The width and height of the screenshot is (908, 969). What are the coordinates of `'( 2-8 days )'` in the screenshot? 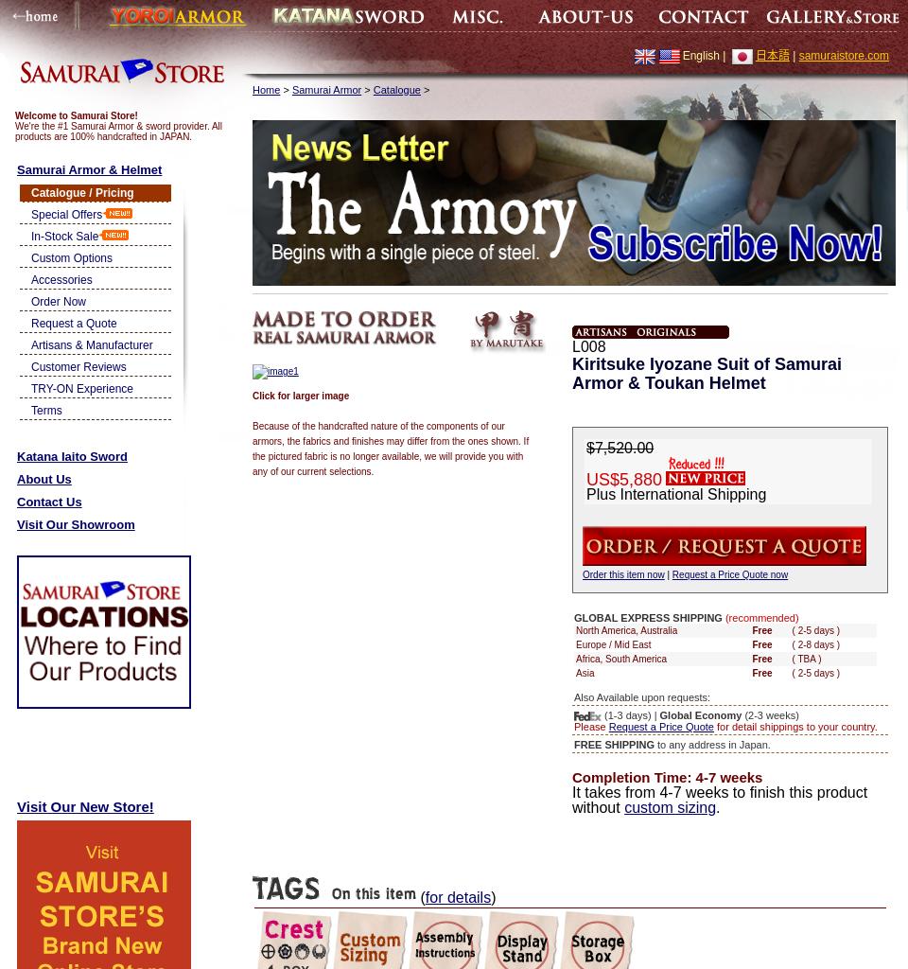 It's located at (814, 643).